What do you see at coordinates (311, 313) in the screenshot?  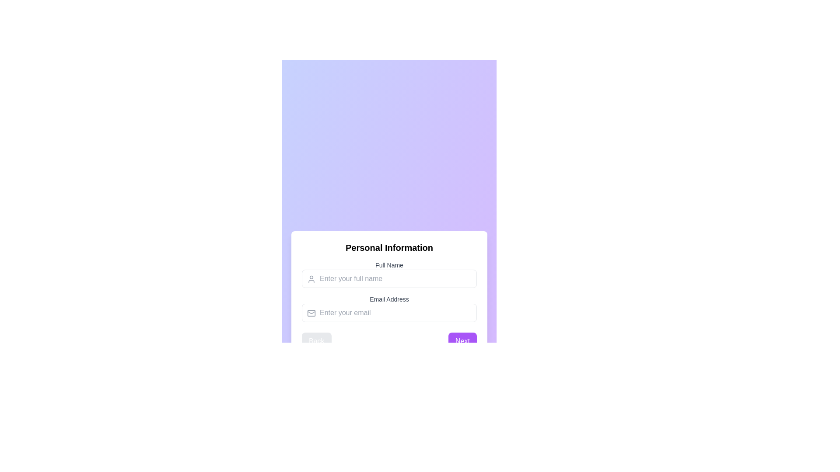 I see `the gray envelope icon located inside the 'Email Address' input field, positioned to the left of the placeholder text 'Enter your email.'` at bounding box center [311, 313].